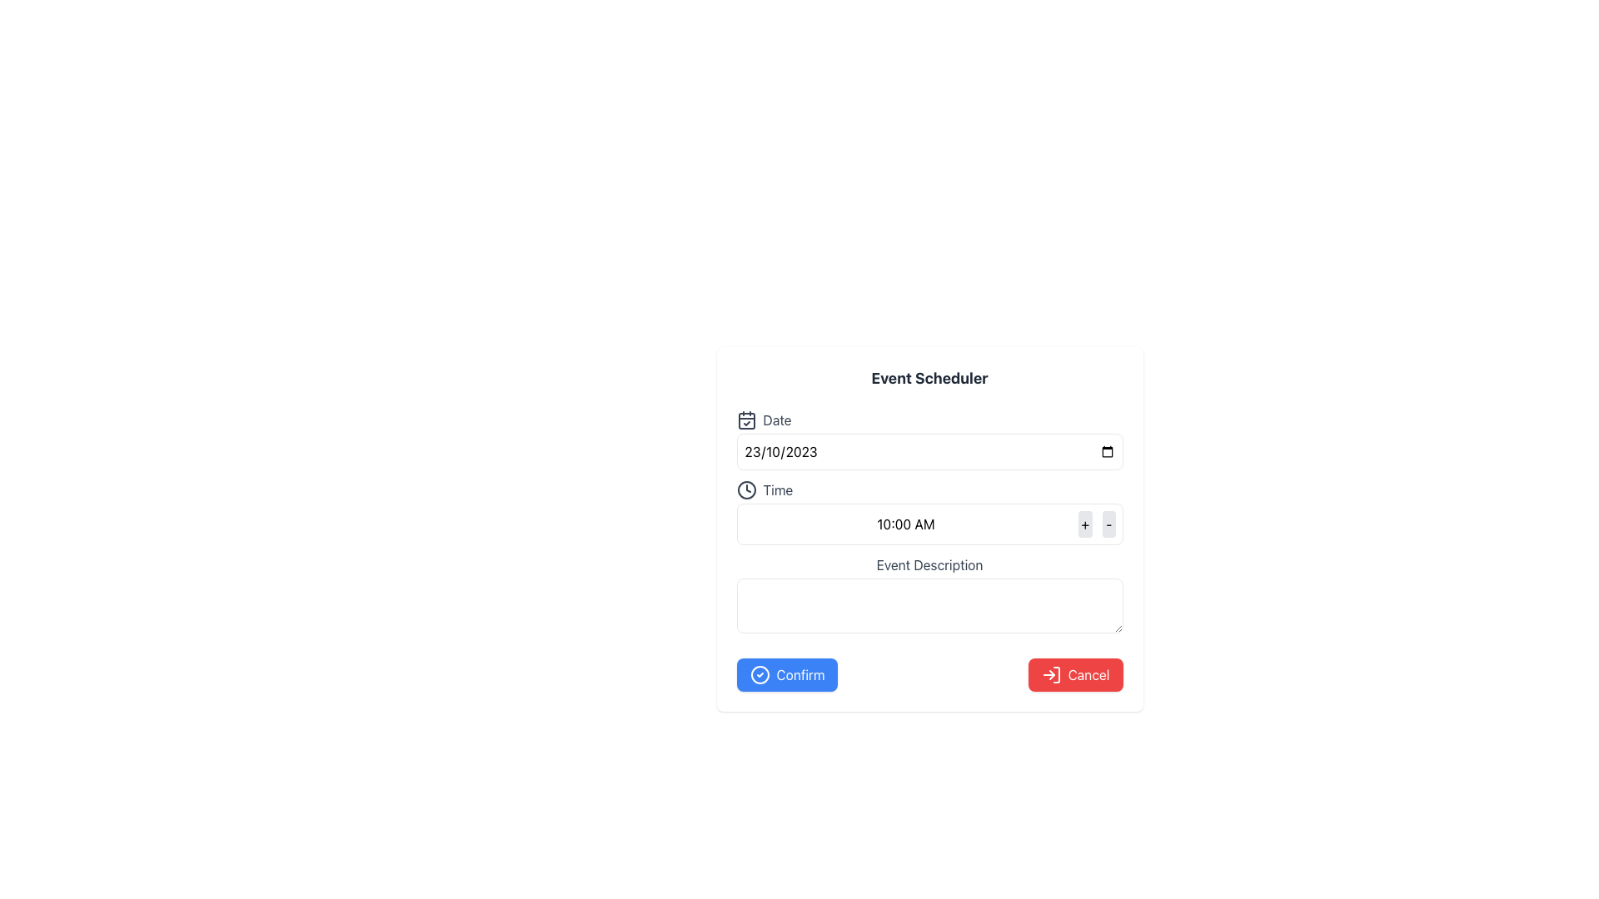 This screenshot has width=1599, height=899. I want to click on the 'Confirm' button, which features a decorative circle with a checkmark symbol, located at the bottom left of the form interface, so click(759, 674).